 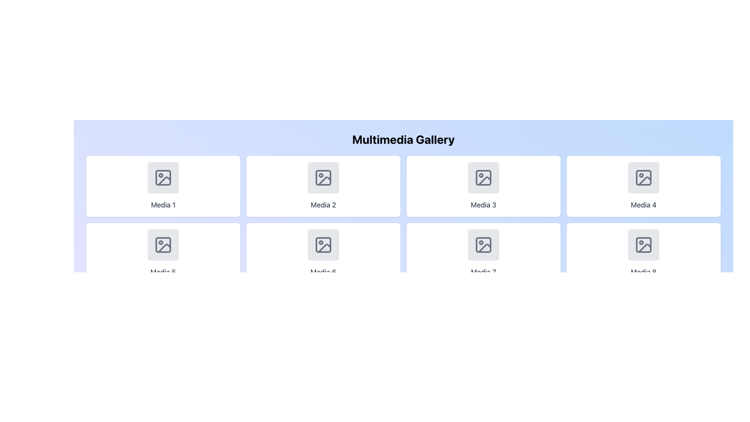 What do you see at coordinates (483, 178) in the screenshot?
I see `the SVG icon labeled 'Media 3', which depicts an image symbol with a mountain and sun, styled in gray and located as the third element in a horizontal grid layout in the gallery section` at bounding box center [483, 178].